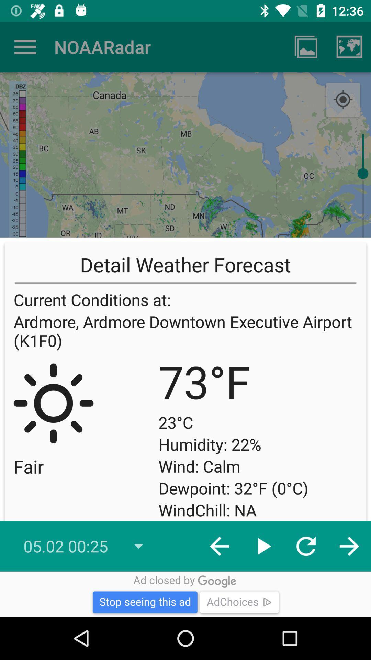 Image resolution: width=371 pixels, height=660 pixels. What do you see at coordinates (343, 100) in the screenshot?
I see `the location_crosshair icon` at bounding box center [343, 100].